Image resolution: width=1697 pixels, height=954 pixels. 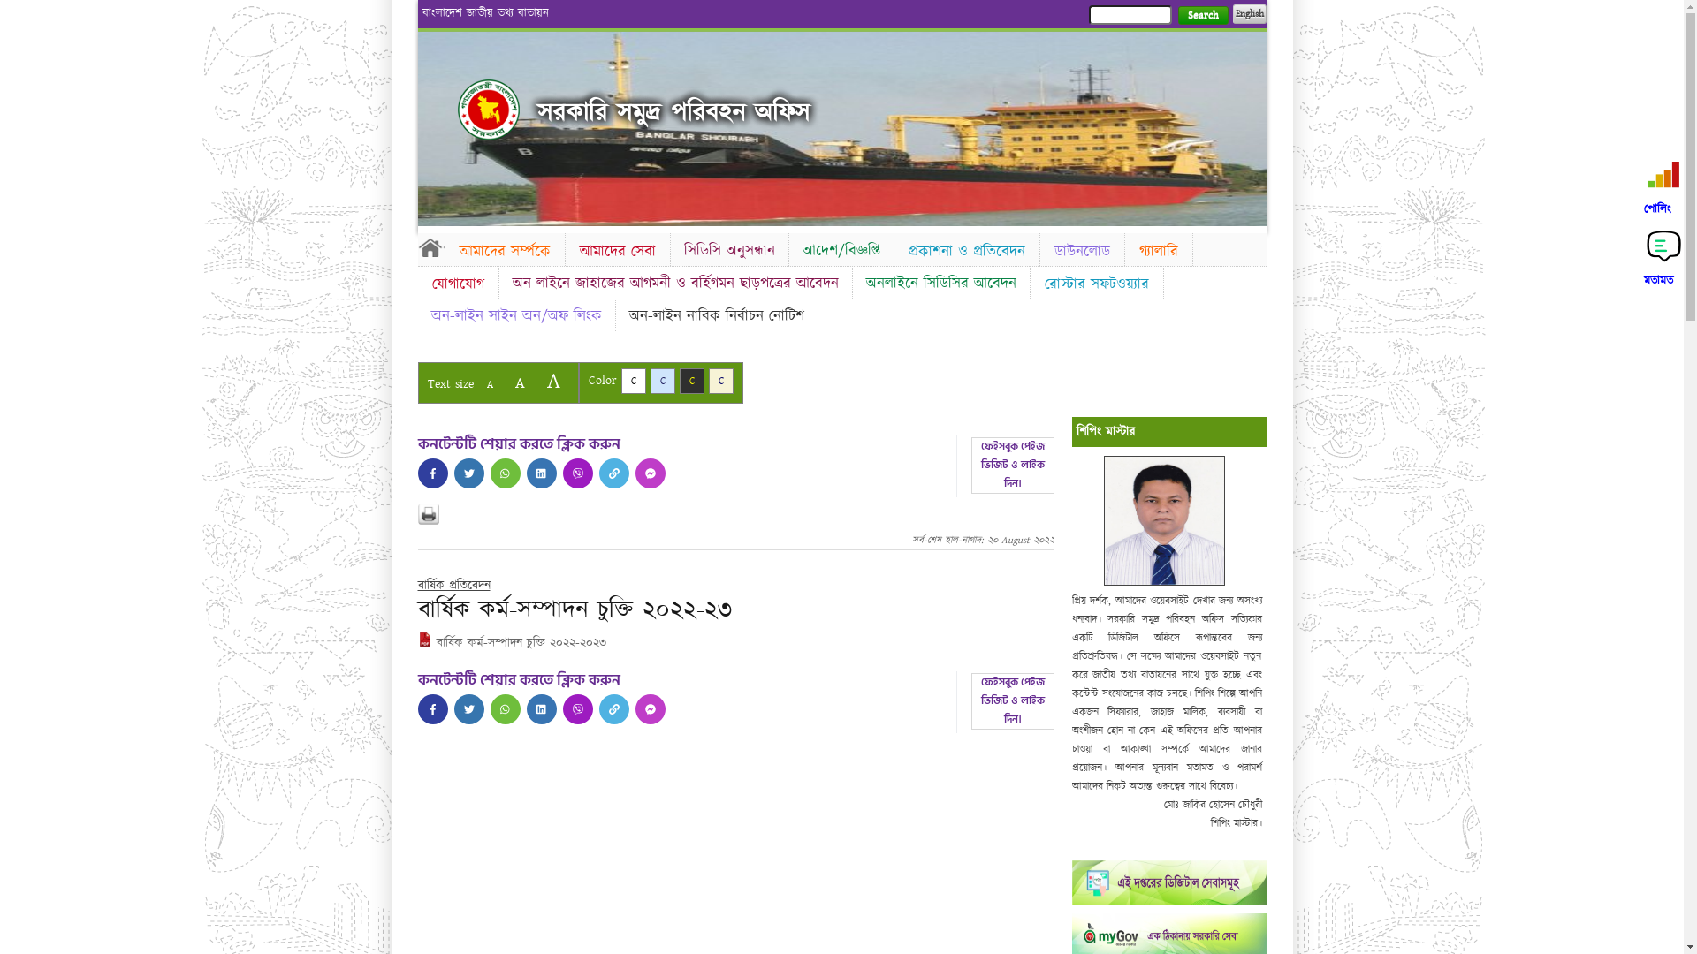 What do you see at coordinates (552, 380) in the screenshot?
I see `'A'` at bounding box center [552, 380].